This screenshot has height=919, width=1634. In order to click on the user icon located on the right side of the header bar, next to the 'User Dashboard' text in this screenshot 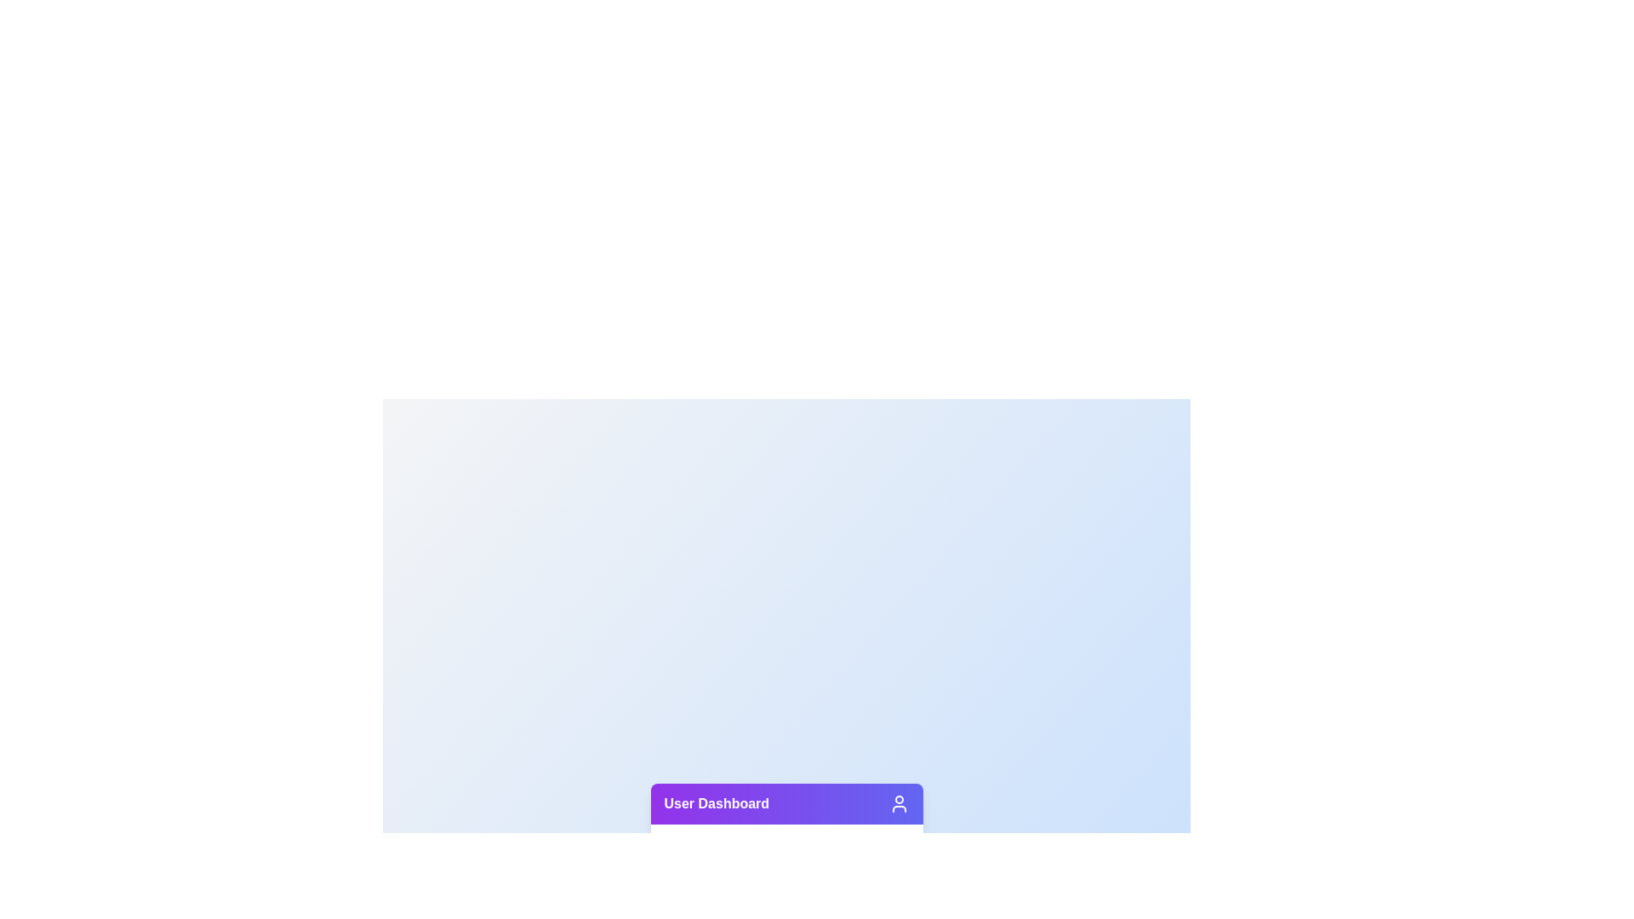, I will do `click(898, 804)`.